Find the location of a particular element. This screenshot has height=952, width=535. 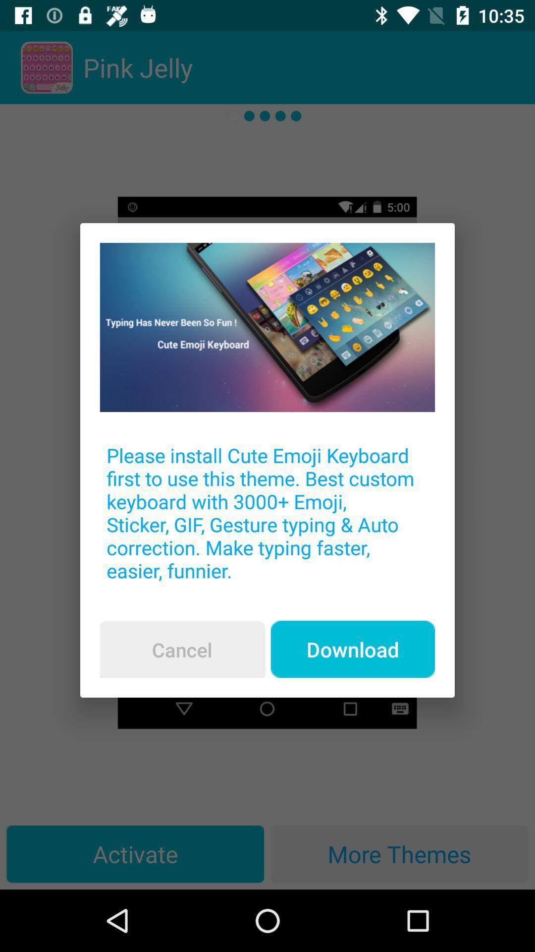

the icon below the please install cute is located at coordinates (352, 649).